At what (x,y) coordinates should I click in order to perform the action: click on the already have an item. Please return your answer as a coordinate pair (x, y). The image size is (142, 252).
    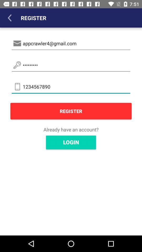
    Looking at the image, I should click on (71, 129).